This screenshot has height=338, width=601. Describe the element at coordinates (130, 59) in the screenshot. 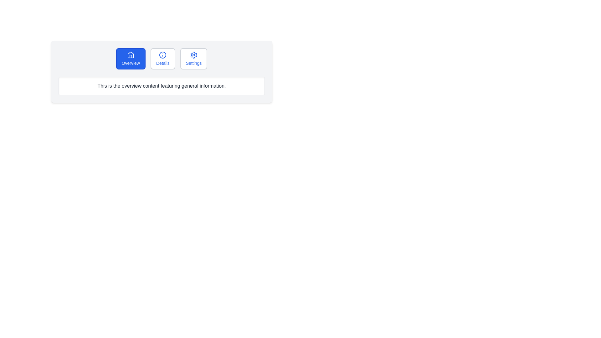

I see `the Overview tab` at that location.